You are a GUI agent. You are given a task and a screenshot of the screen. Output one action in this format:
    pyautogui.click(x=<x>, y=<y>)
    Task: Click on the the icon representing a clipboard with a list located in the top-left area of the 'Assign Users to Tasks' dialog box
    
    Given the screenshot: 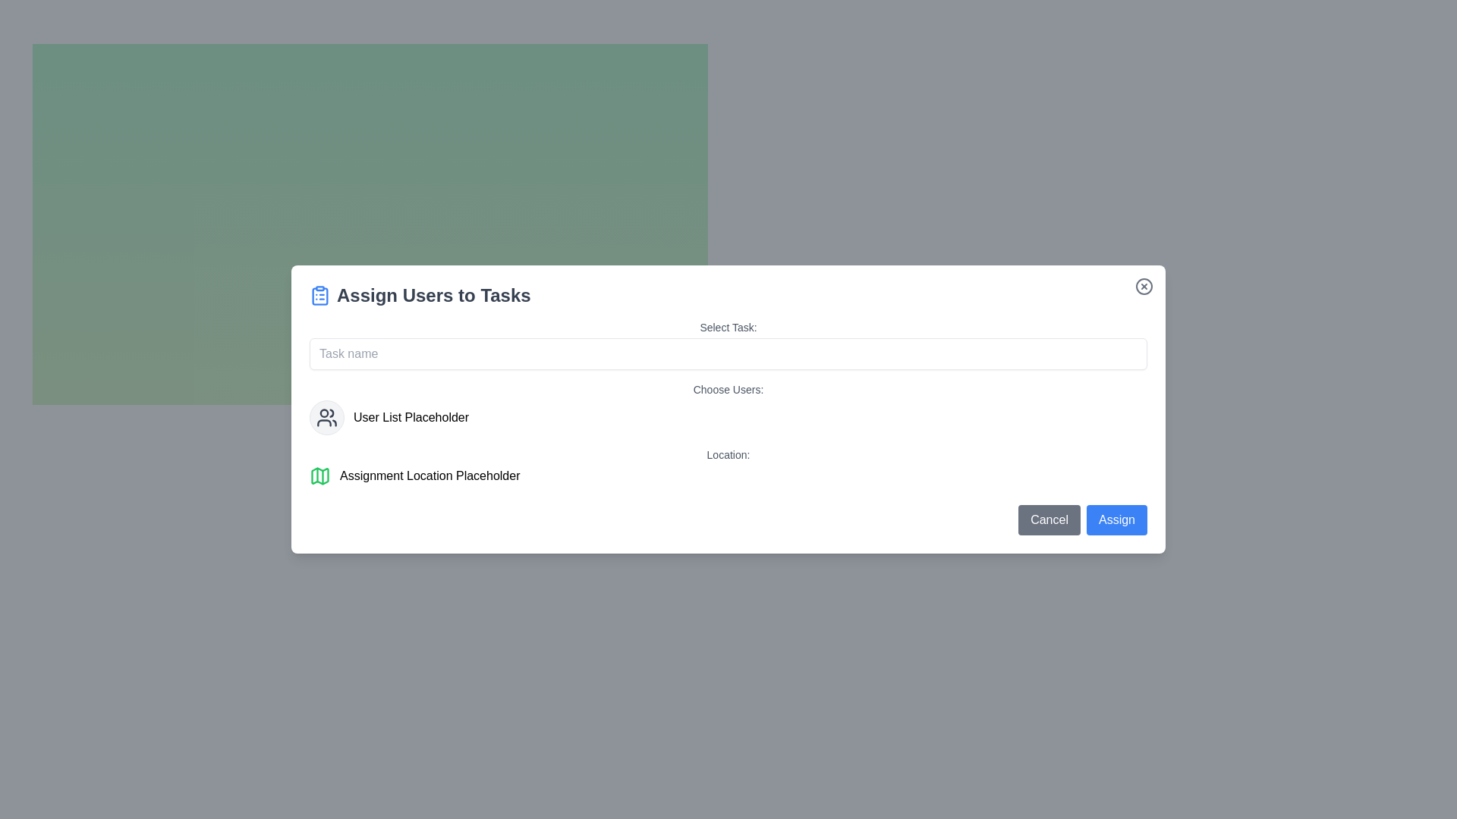 What is the action you would take?
    pyautogui.click(x=319, y=296)
    